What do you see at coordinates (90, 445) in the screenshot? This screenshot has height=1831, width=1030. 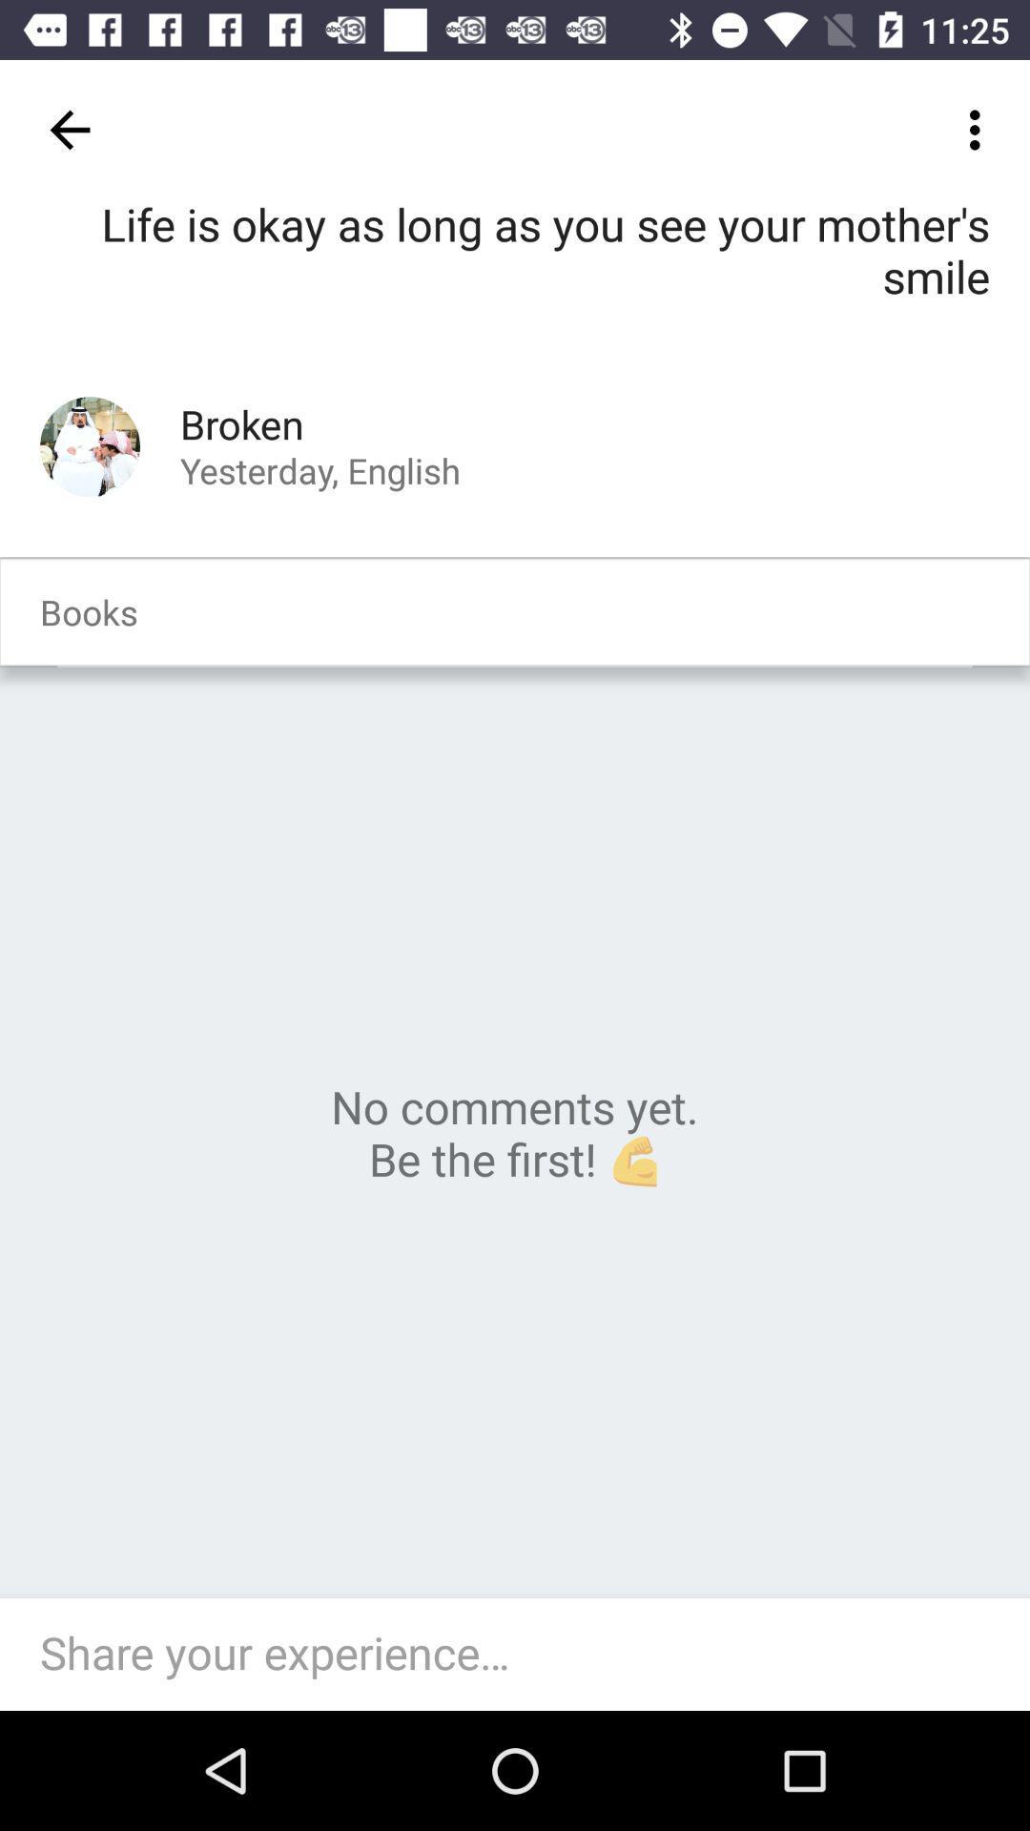 I see `item to the left of broken icon` at bounding box center [90, 445].